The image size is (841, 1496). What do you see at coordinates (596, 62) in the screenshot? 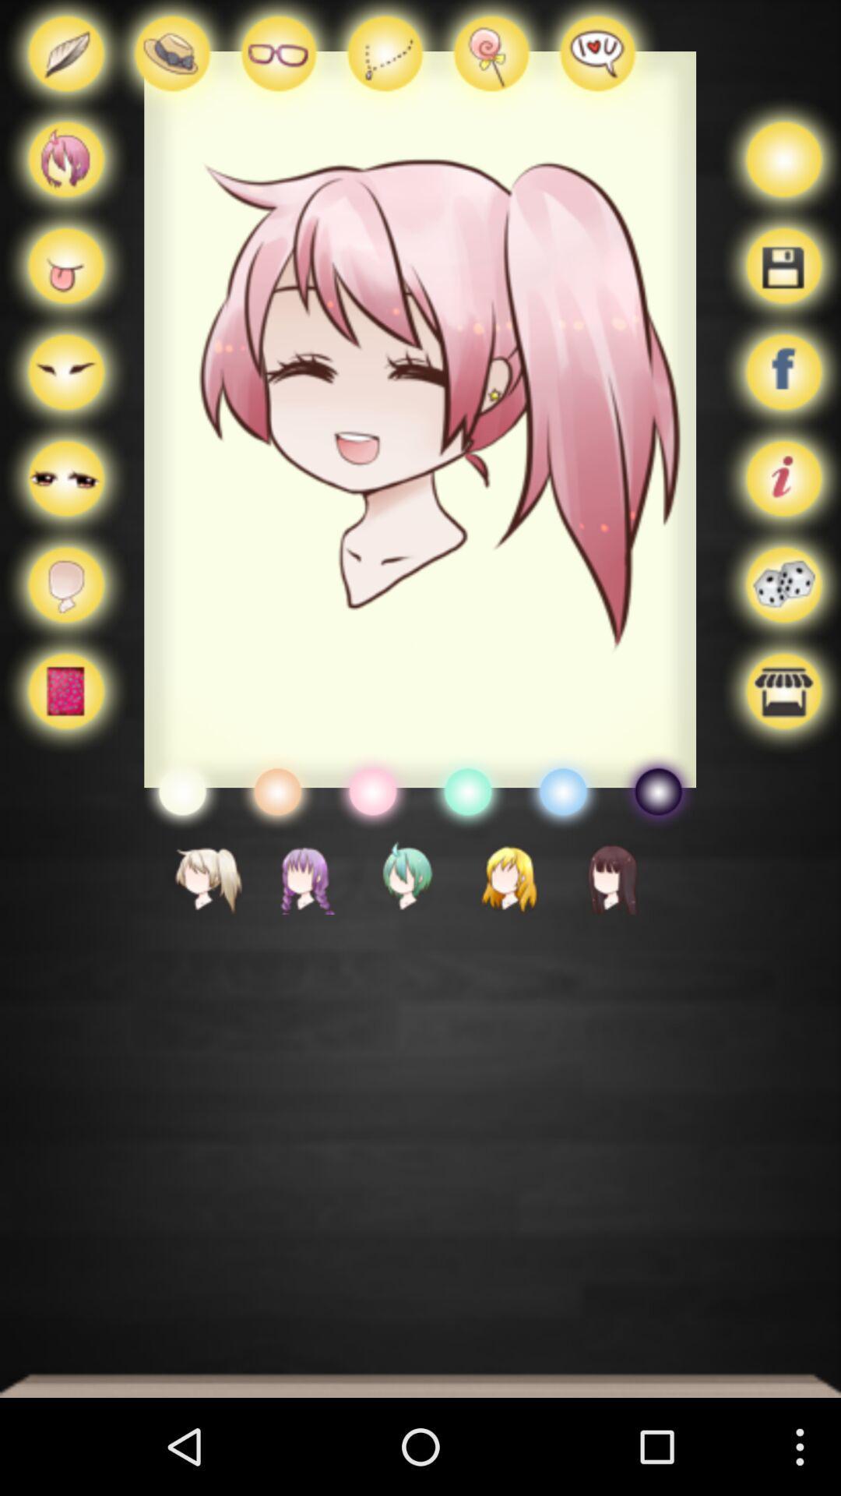
I see `the chat icon` at bounding box center [596, 62].